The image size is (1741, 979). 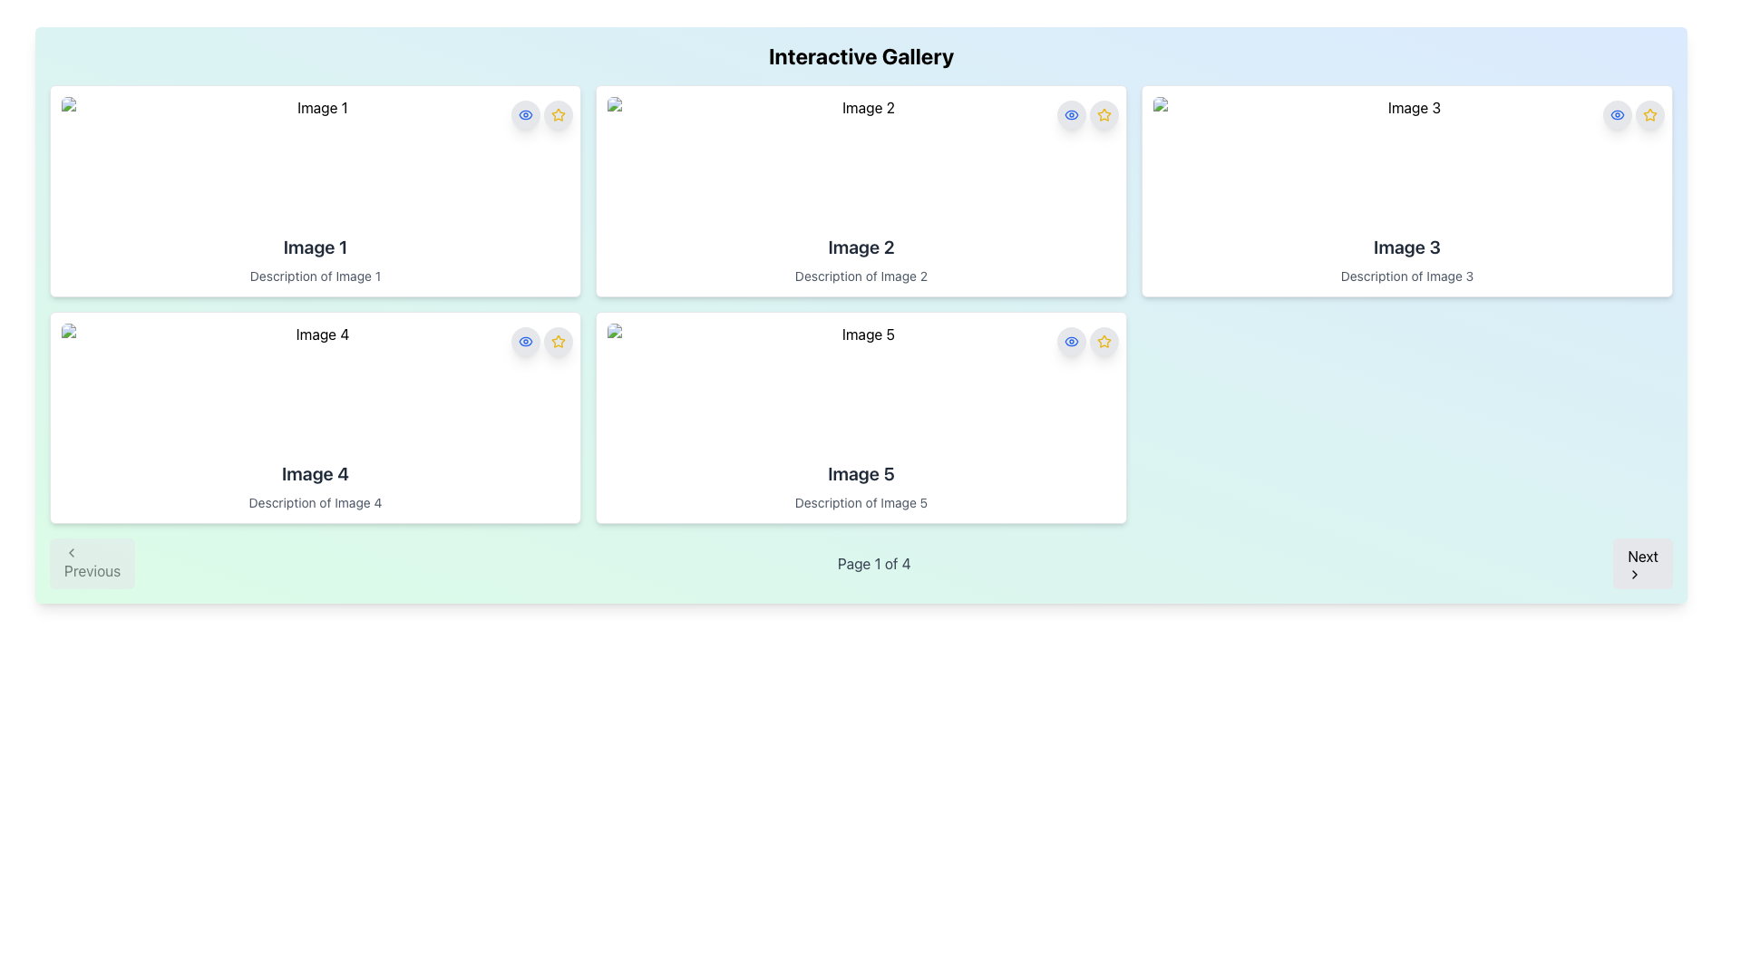 What do you see at coordinates (1618, 115) in the screenshot?
I see `the eye glyph button located in the upper-right corner of the 'Image 3' card` at bounding box center [1618, 115].